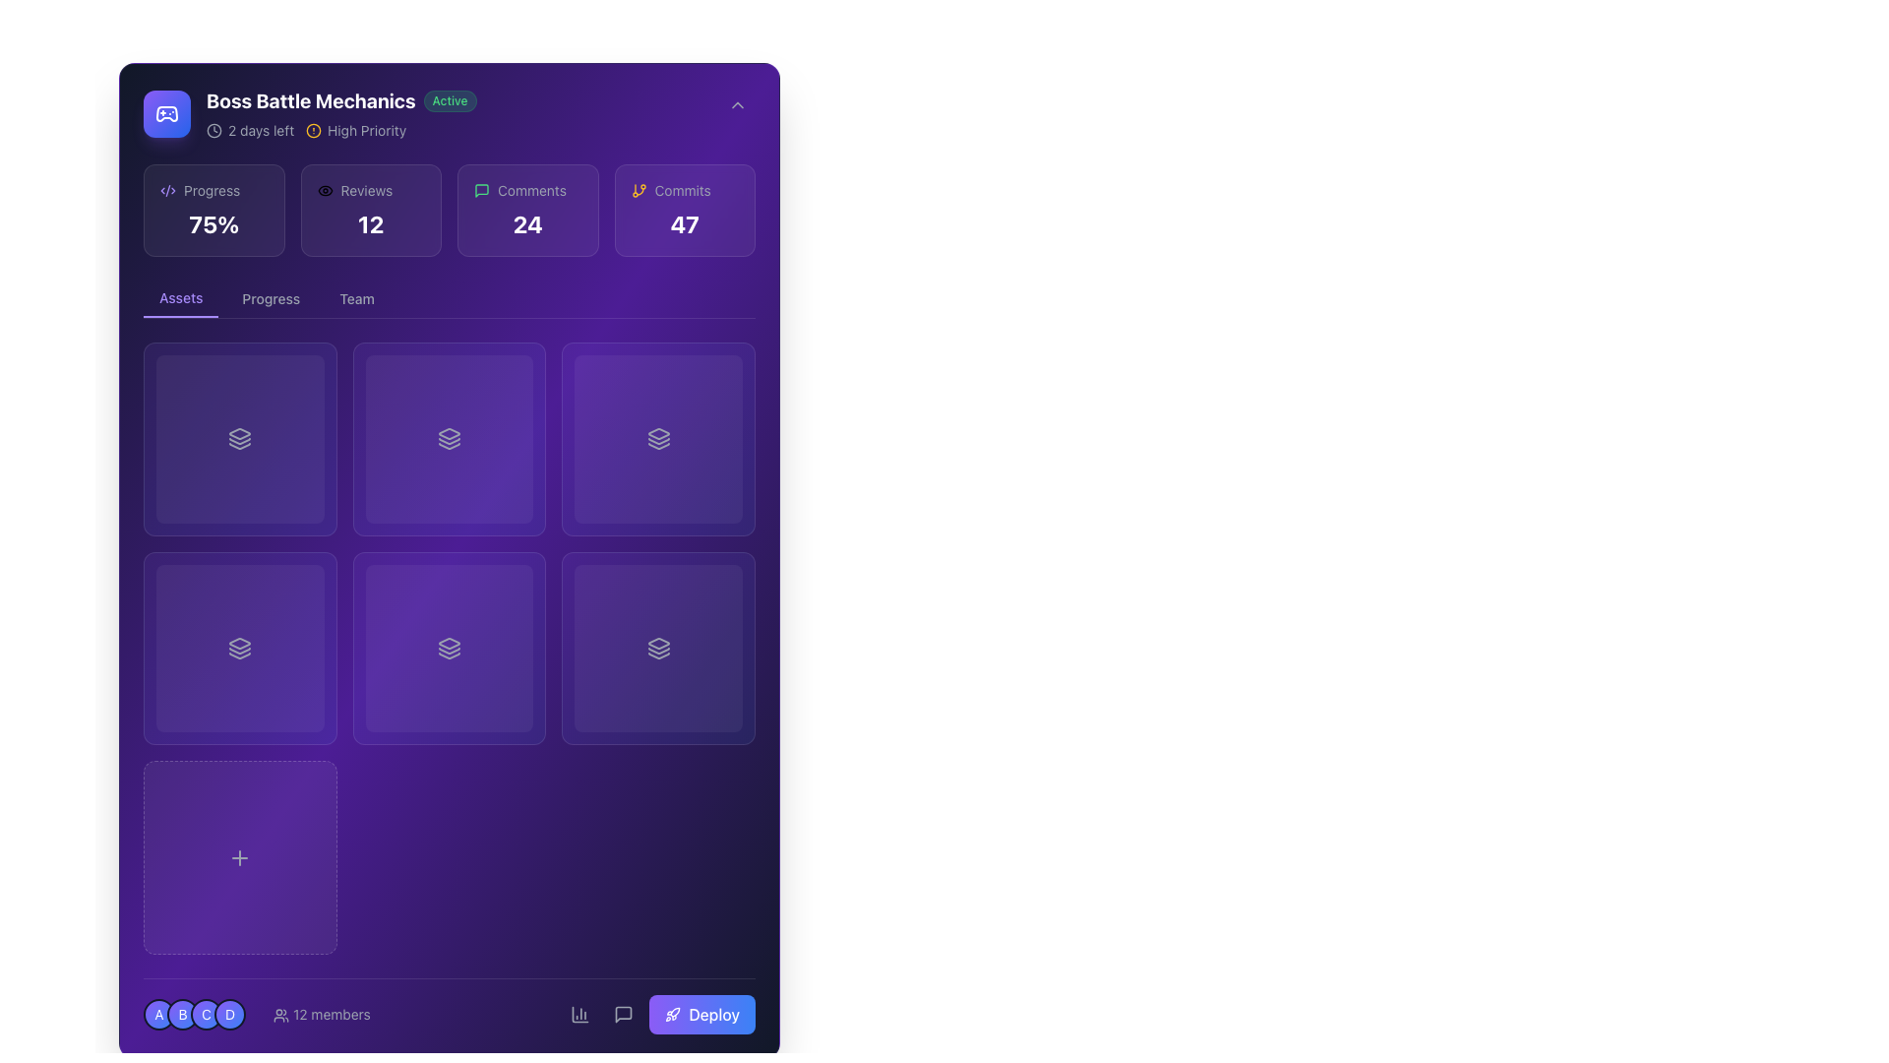 The image size is (1889, 1063). What do you see at coordinates (623, 1014) in the screenshot?
I see `the comments icon located at the bottom-right corner of the interface, which is the second icon from the left in a row of icons` at bounding box center [623, 1014].